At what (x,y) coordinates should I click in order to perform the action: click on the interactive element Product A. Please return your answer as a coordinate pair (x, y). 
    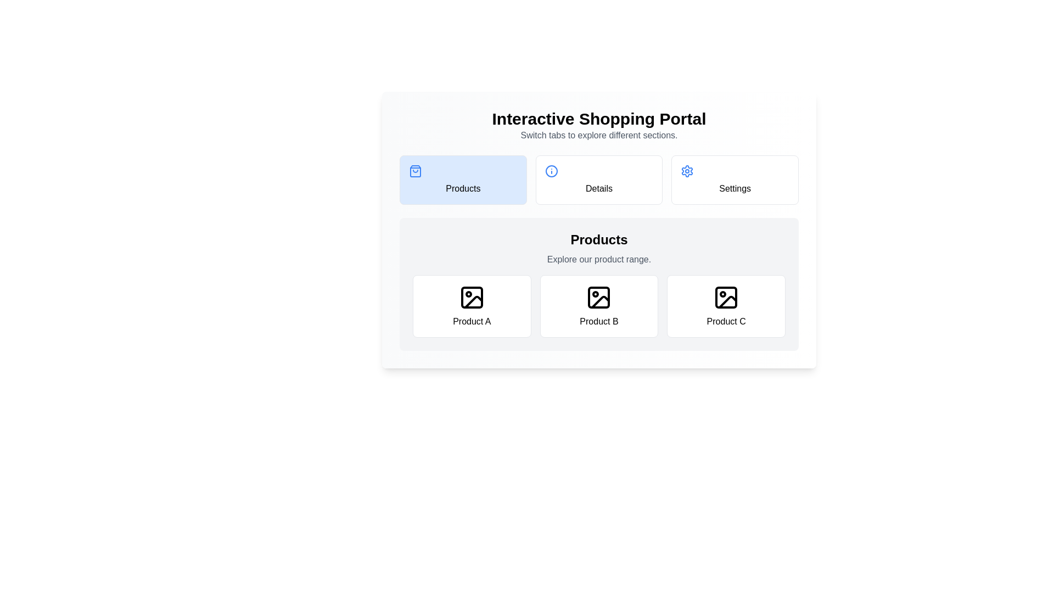
    Looking at the image, I should click on (472, 306).